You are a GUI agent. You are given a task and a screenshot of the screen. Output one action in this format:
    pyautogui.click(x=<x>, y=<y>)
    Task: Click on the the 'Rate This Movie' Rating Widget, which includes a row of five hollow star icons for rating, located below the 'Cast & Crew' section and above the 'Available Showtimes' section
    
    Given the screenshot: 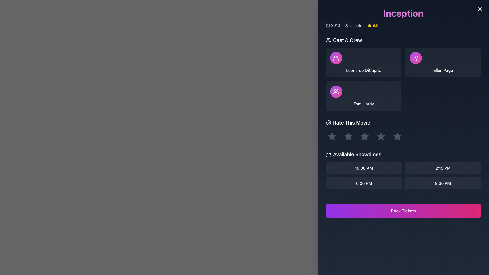 What is the action you would take?
    pyautogui.click(x=403, y=130)
    